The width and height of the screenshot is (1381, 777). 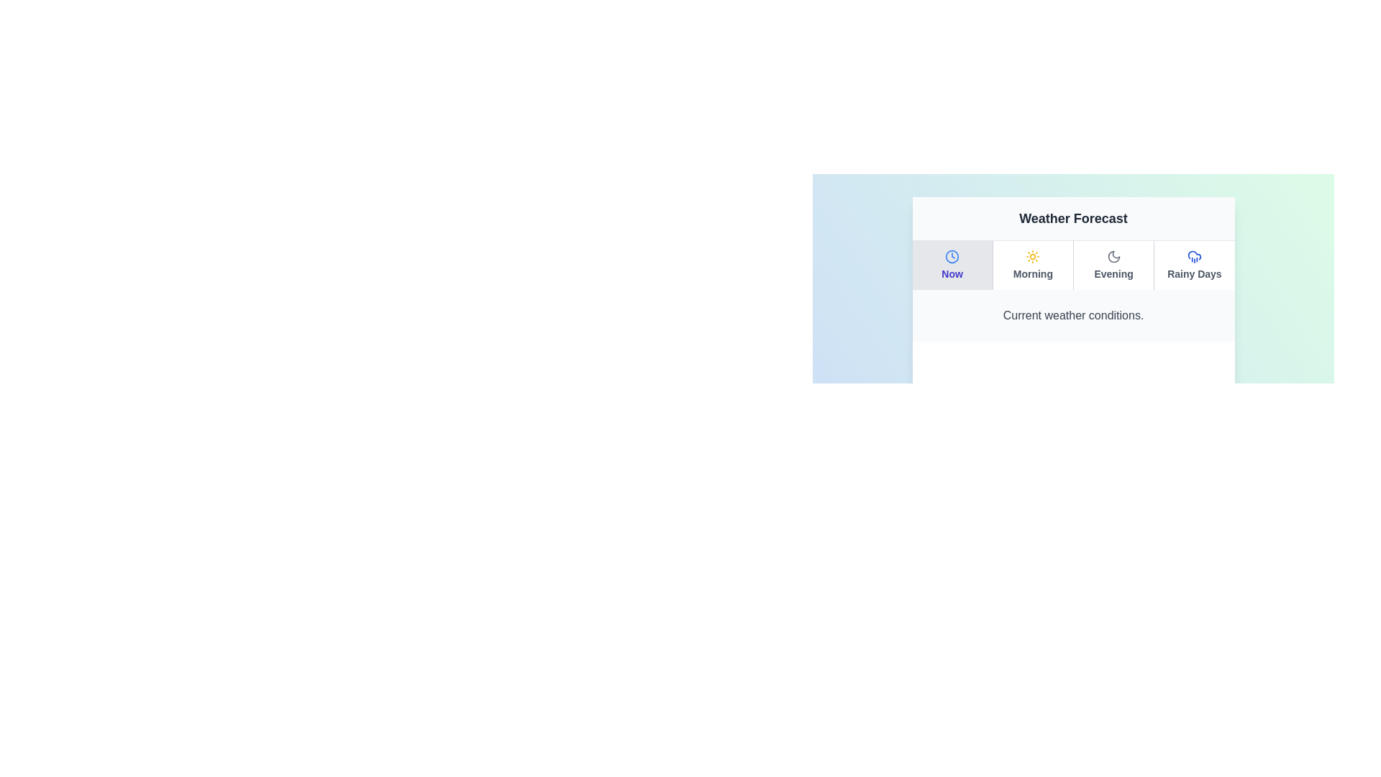 What do you see at coordinates (1113, 274) in the screenshot?
I see `the 'Evening' static text label in the weather navigation menu` at bounding box center [1113, 274].